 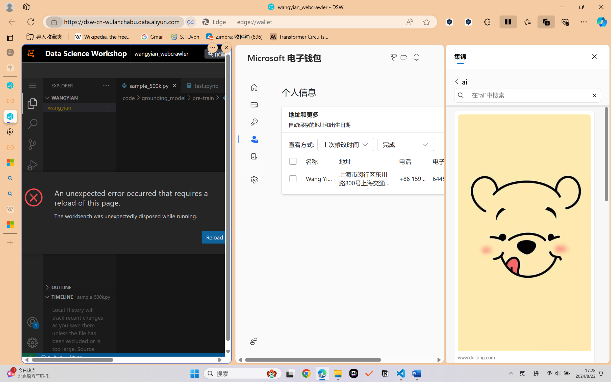 I want to click on 'Gmail', so click(x=152, y=37).